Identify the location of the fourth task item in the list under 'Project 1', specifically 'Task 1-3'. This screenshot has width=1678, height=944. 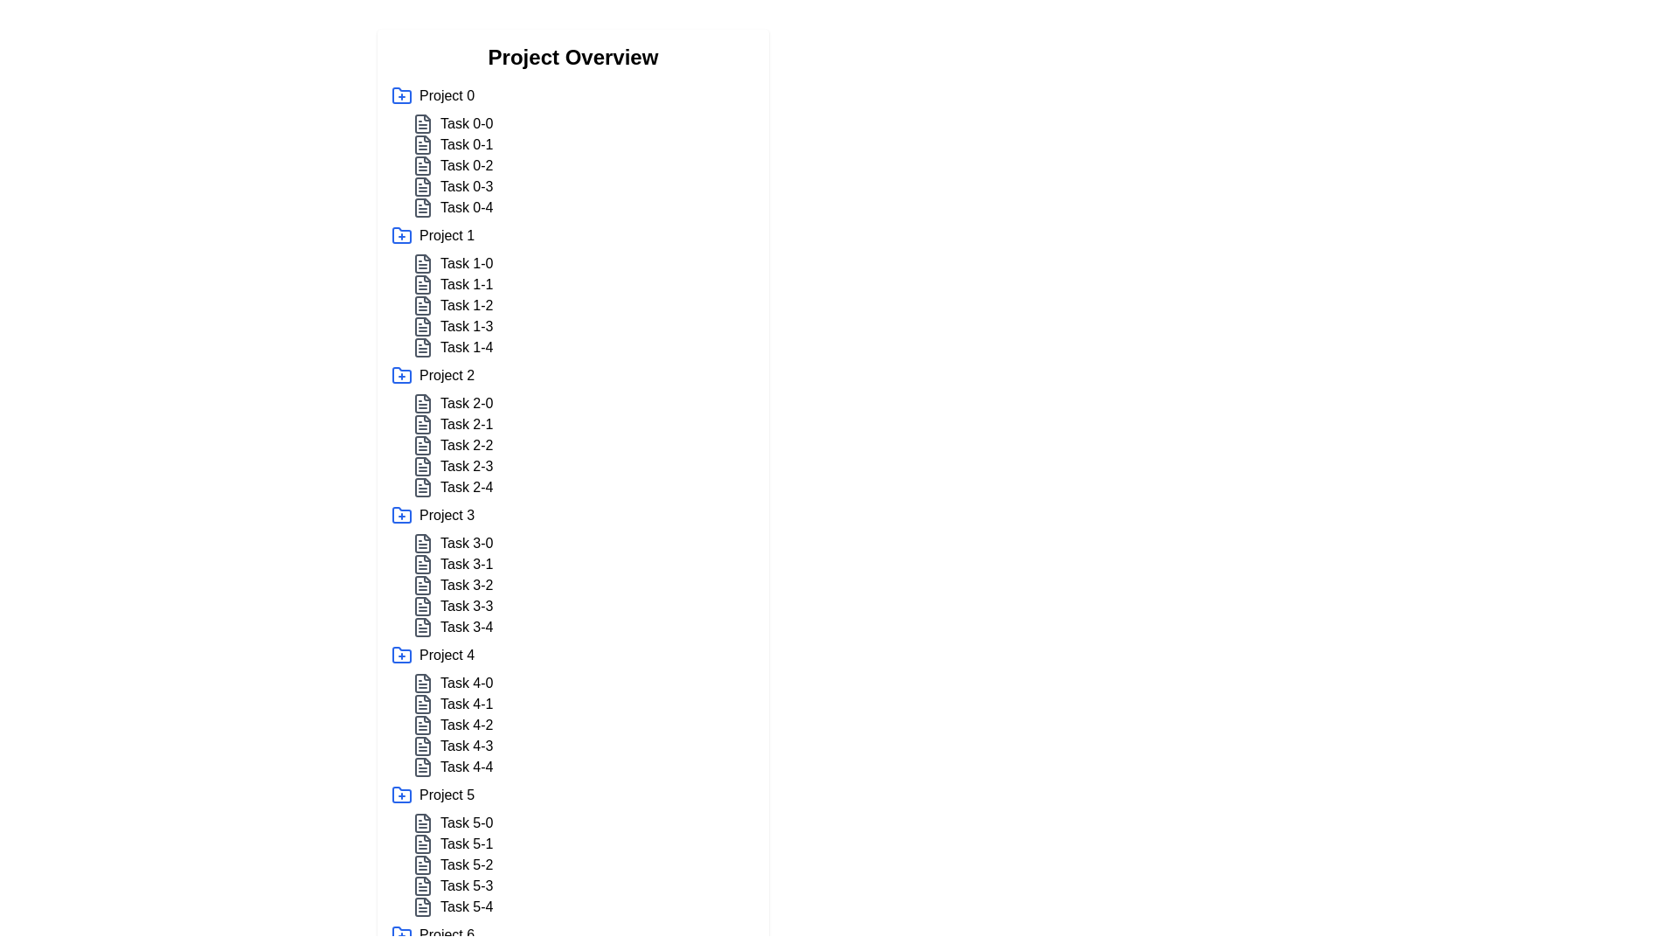
(583, 327).